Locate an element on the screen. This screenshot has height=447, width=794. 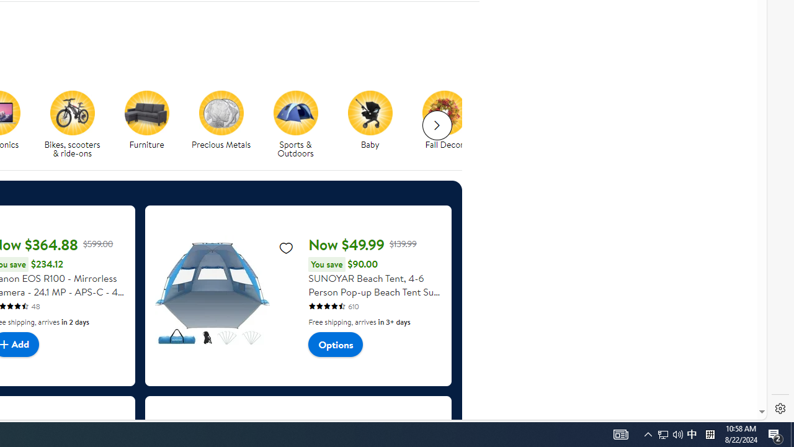
'Fall Decor' is located at coordinates (444, 112).